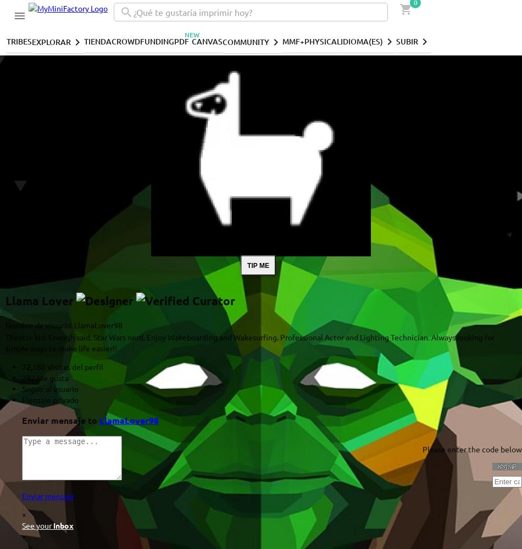 This screenshot has width=522, height=549. I want to click on 'See your', so click(37, 525).